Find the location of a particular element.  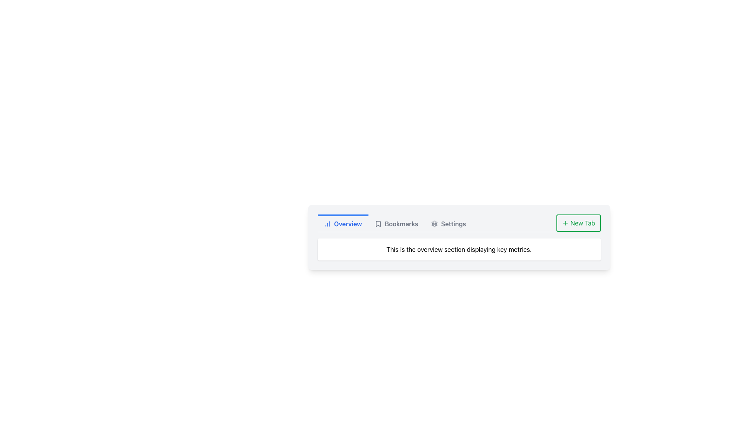

the unfilled bookmark outline icon located beside the 'Bookmarks' text in the navigation tab section is located at coordinates (378, 224).